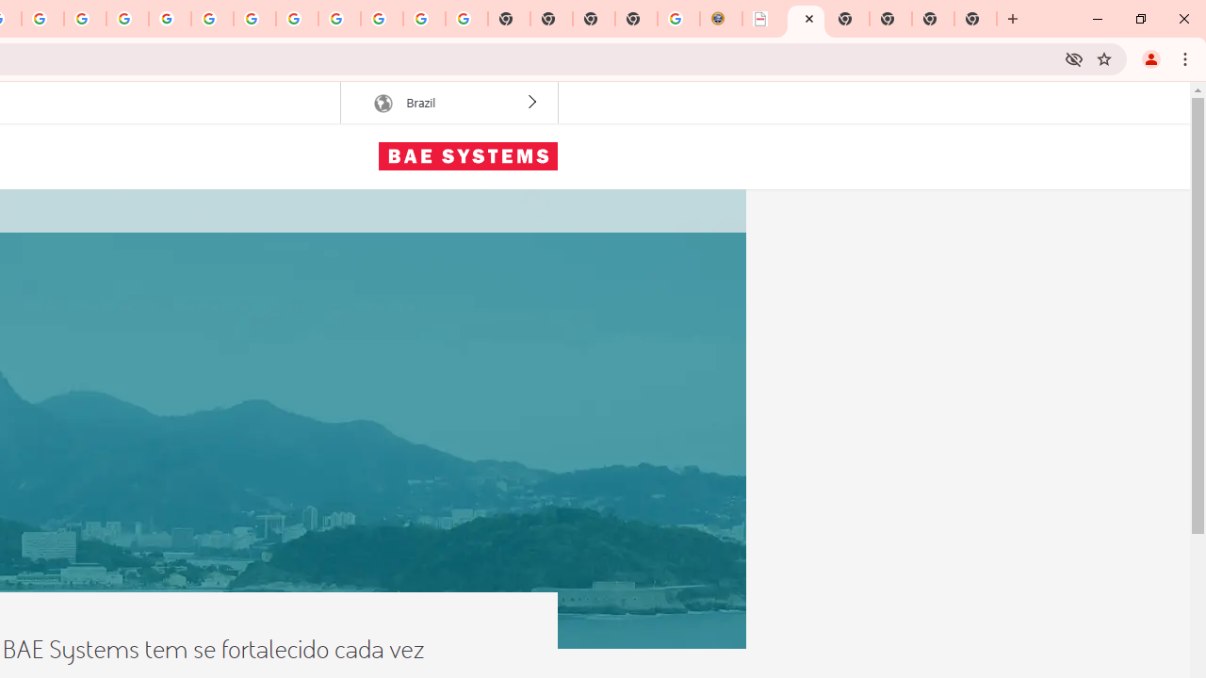 The width and height of the screenshot is (1206, 678). What do you see at coordinates (466, 19) in the screenshot?
I see `'Google Images'` at bounding box center [466, 19].